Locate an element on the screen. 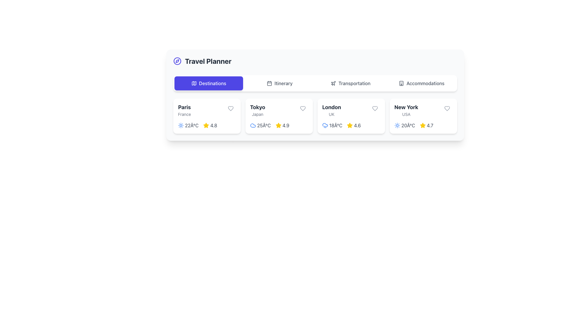  text displayed in the temperature label for the Paris destination, which is located next to a sun icon and a rating display is located at coordinates (192, 125).